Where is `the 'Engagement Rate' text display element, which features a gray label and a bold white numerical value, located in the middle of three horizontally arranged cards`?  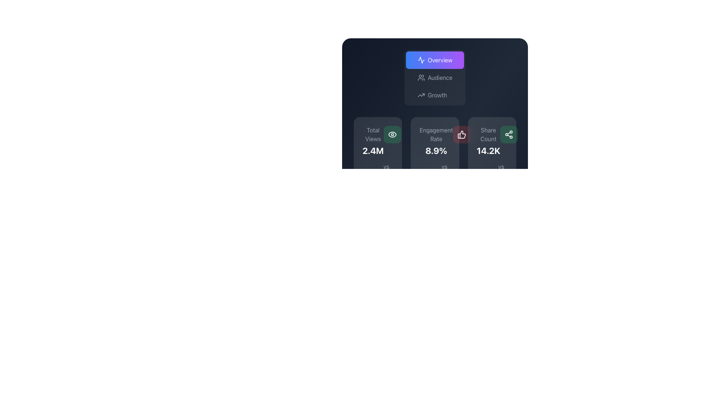
the 'Engagement Rate' text display element, which features a gray label and a bold white numerical value, located in the middle of three horizontally arranged cards is located at coordinates (436, 141).